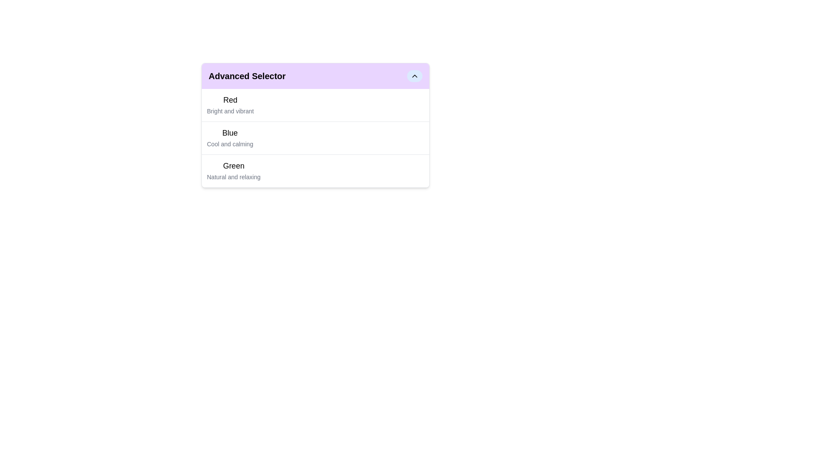  I want to click on the text block labeled 'Red' with the description 'Bright and vibrant', so click(230, 105).